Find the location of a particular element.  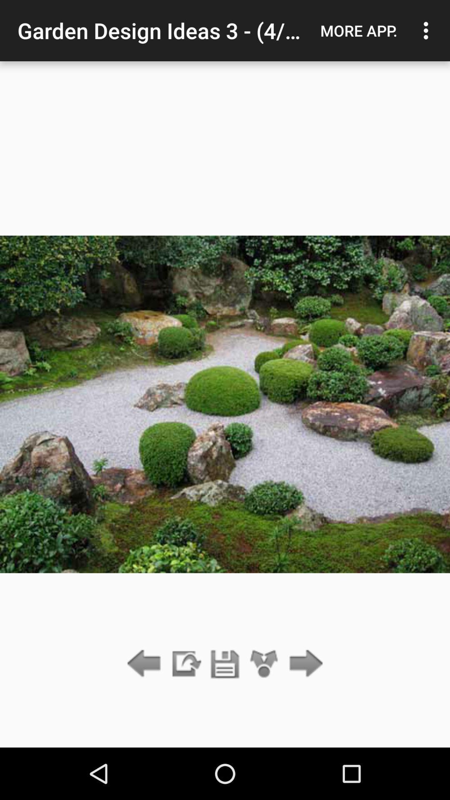

item at the bottom right corner is located at coordinates (304, 664).